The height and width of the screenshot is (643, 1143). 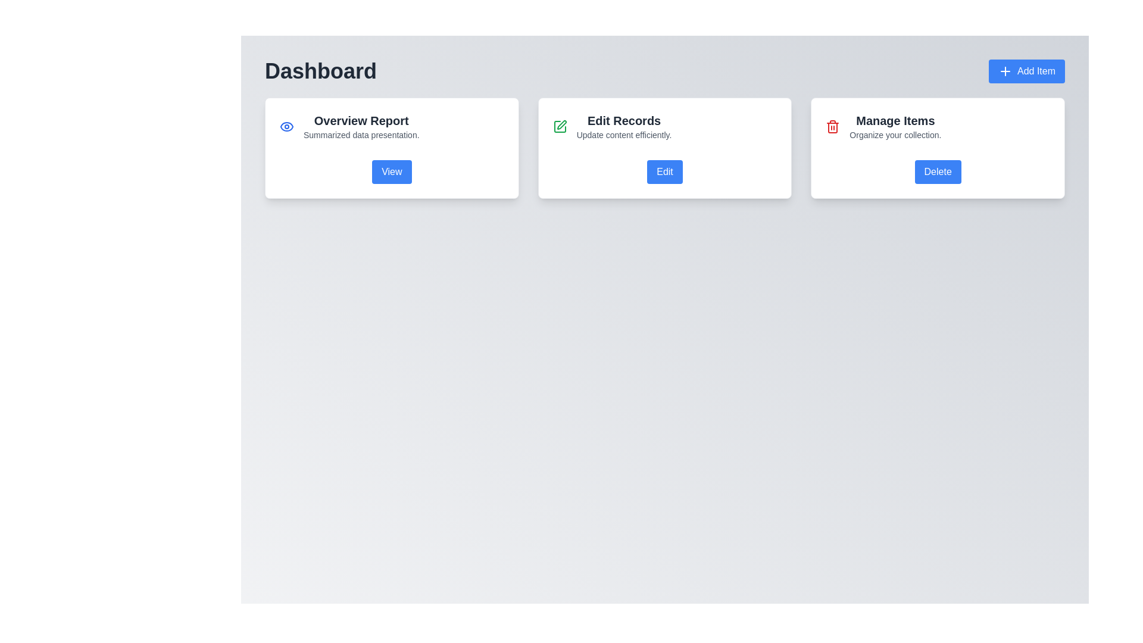 What do you see at coordinates (320, 71) in the screenshot?
I see `the text label that serves as the title or heading at the top left of the interface` at bounding box center [320, 71].